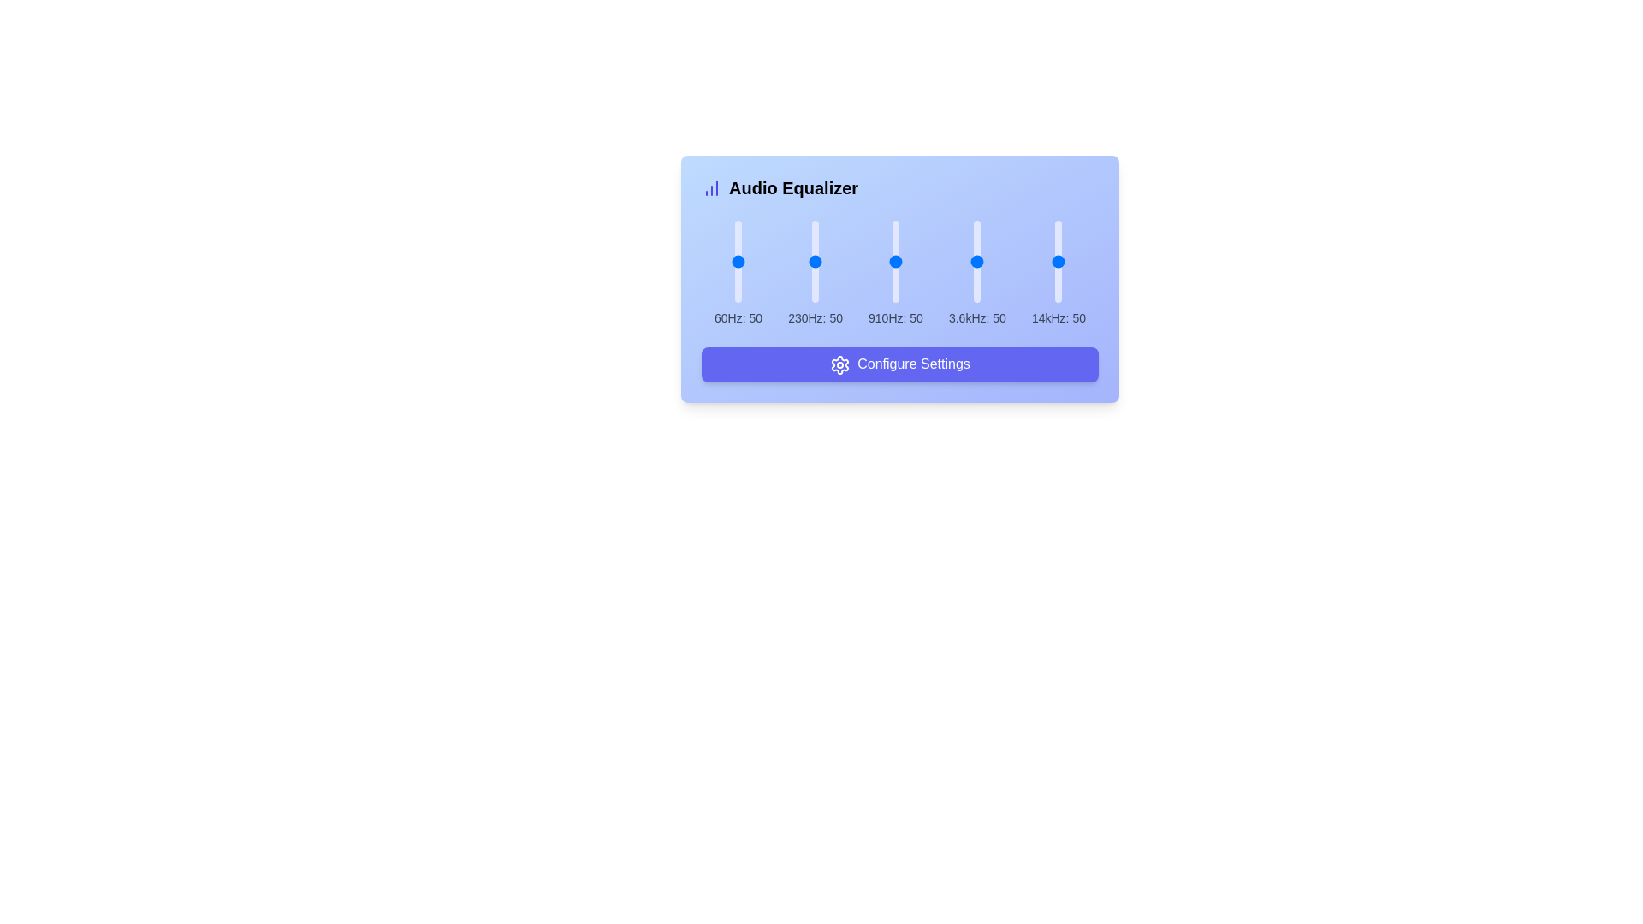 This screenshot has width=1643, height=924. Describe the element at coordinates (894, 268) in the screenshot. I see `the 910Hz slider` at that location.